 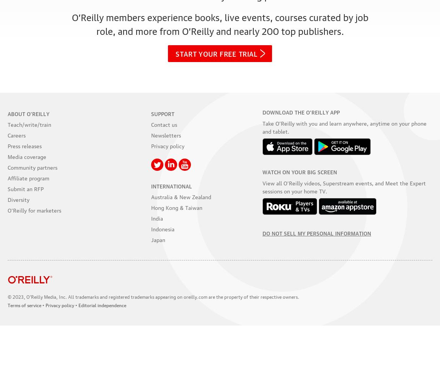 I want to click on 'Careers', so click(x=16, y=134).